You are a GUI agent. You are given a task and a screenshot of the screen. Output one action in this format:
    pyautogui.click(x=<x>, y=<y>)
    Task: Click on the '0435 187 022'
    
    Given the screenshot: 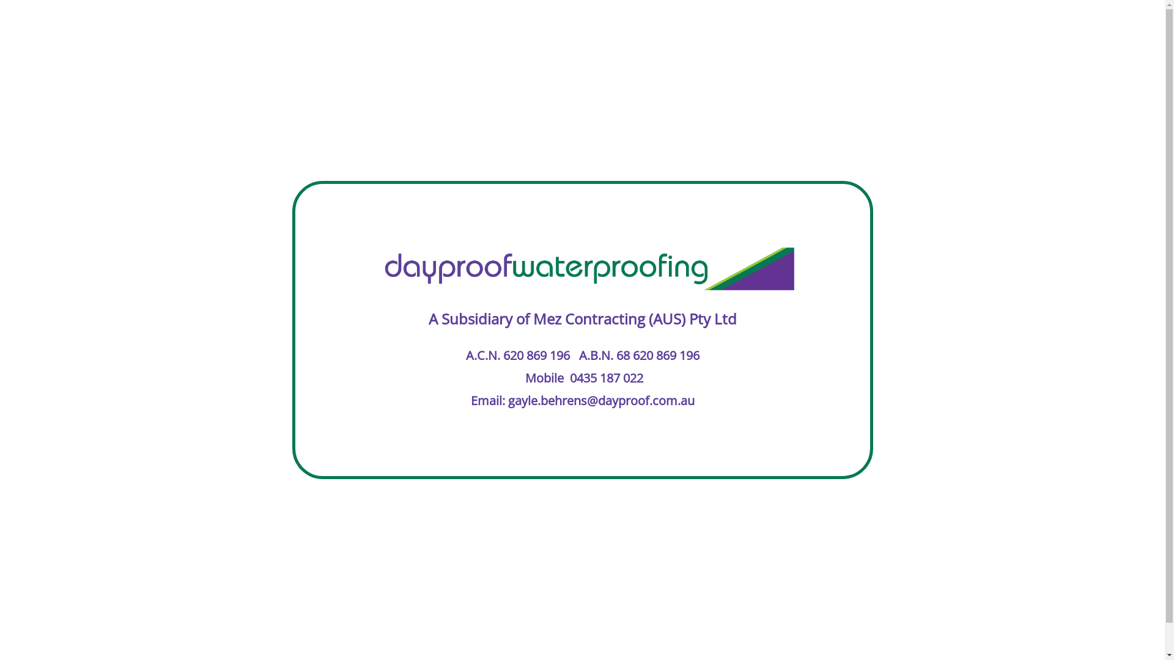 What is the action you would take?
    pyautogui.click(x=607, y=377)
    